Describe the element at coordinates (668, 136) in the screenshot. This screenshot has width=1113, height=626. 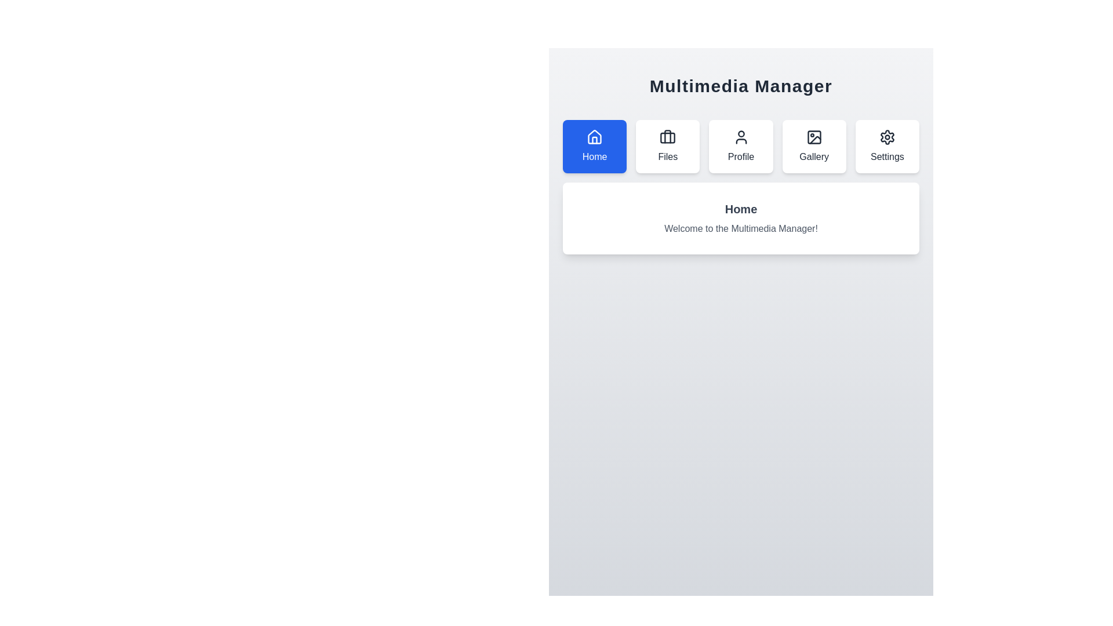
I see `the central vertical divider of the briefcase icon located in the 'Files' section of the top navigation bar` at that location.